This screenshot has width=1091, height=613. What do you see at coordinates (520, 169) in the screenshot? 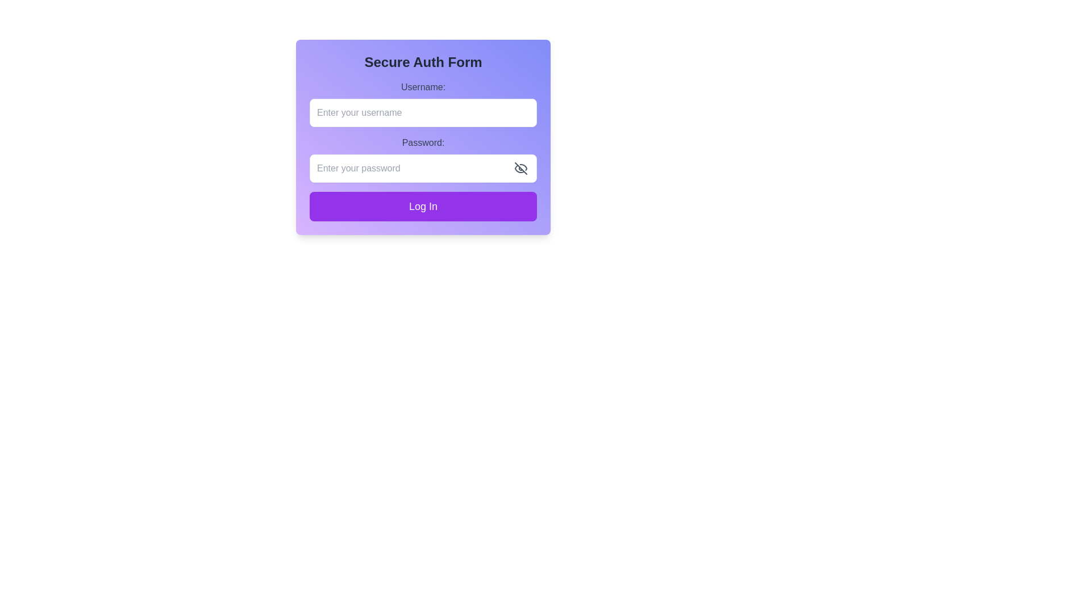
I see `the toggle icon button that shows or hides the password text in the adjacent input field to potentially display a tooltip` at bounding box center [520, 169].